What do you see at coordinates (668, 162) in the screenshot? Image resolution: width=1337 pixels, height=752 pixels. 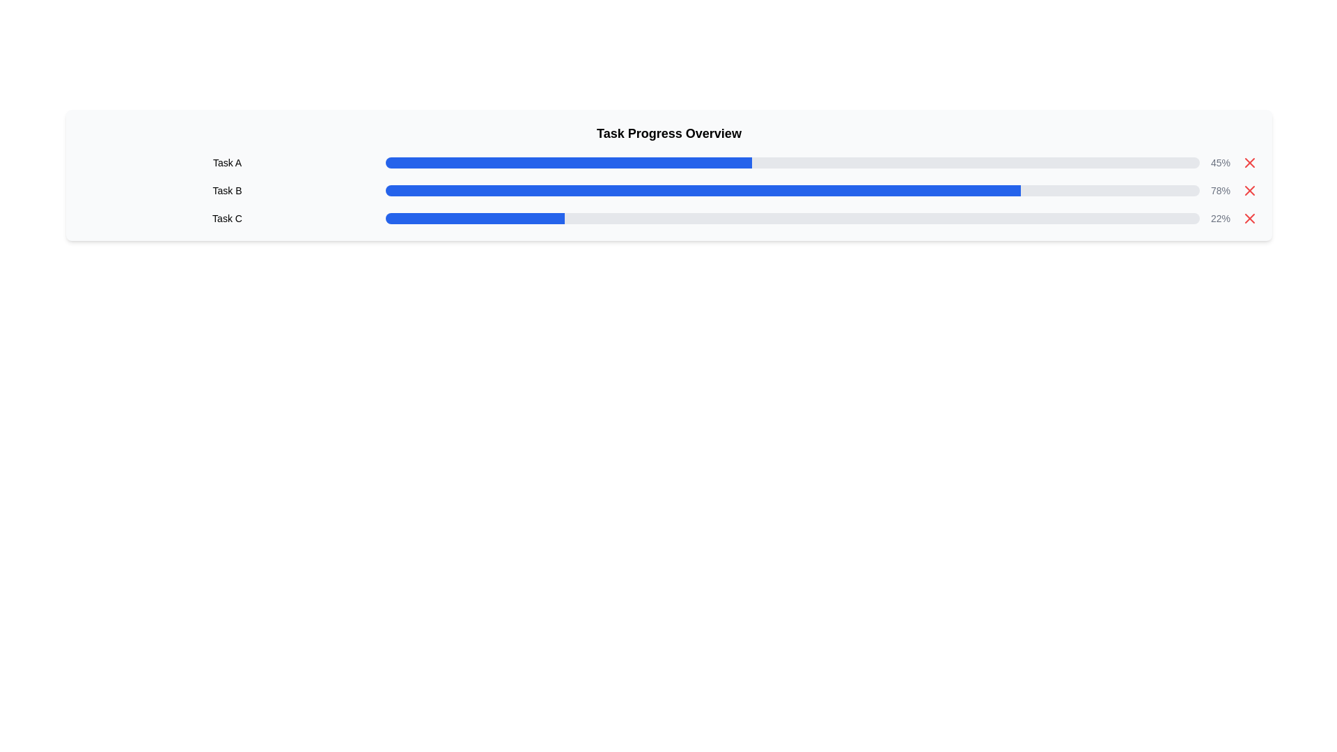 I see `the progress bar indicating 'Task A' at 45% completion by using the information presented` at bounding box center [668, 162].